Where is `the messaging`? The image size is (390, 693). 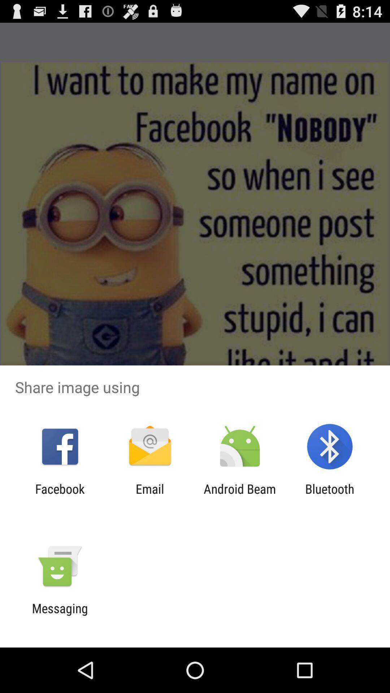 the messaging is located at coordinates (60, 615).